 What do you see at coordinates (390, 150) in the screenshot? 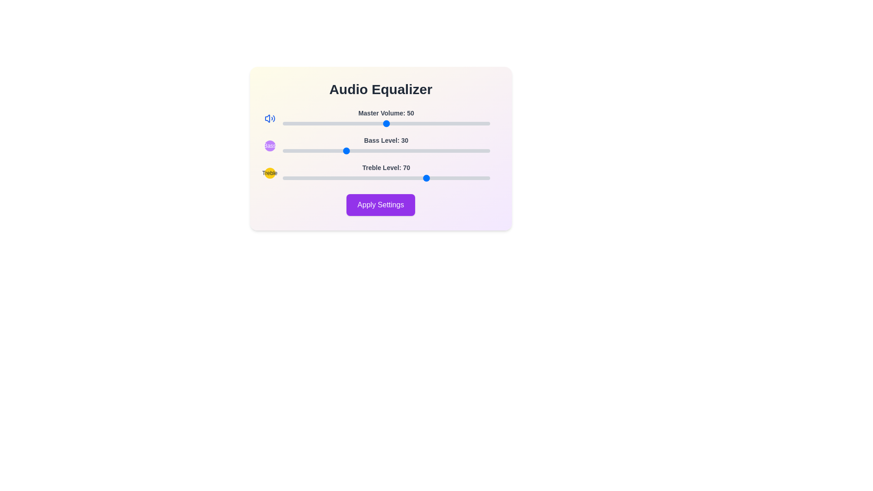
I see `bass level` at bounding box center [390, 150].